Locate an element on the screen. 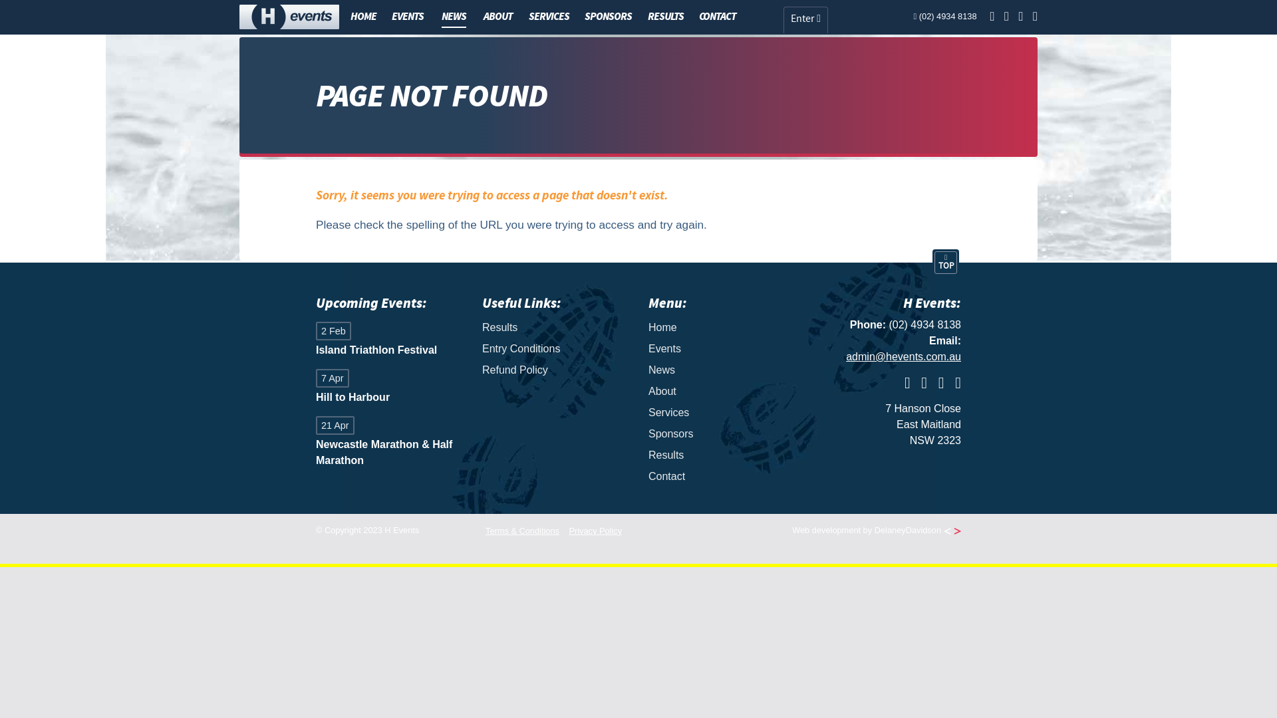  'Events' is located at coordinates (720, 348).